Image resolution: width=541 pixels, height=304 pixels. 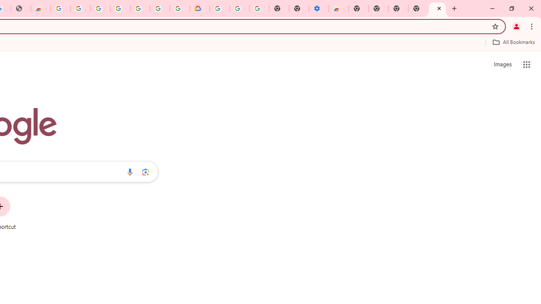 I want to click on 'New Tab', so click(x=418, y=8).